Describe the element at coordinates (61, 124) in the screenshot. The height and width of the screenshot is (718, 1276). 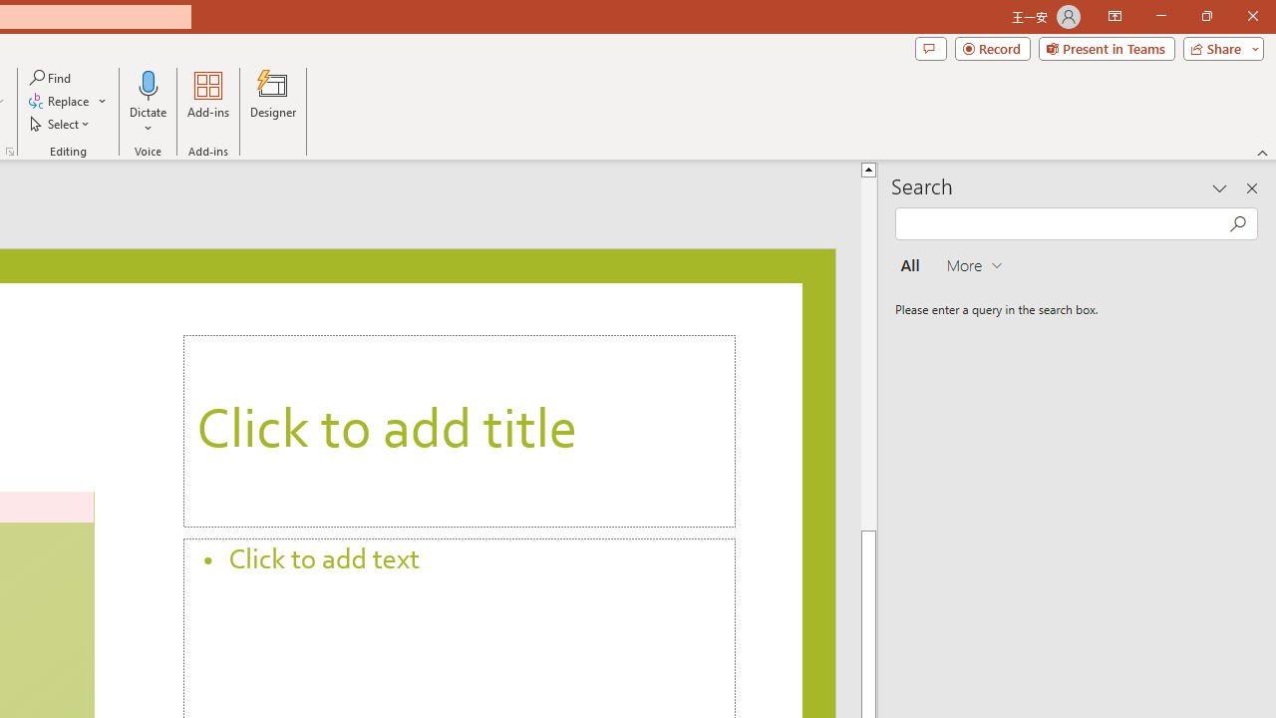
I see `'Select'` at that location.